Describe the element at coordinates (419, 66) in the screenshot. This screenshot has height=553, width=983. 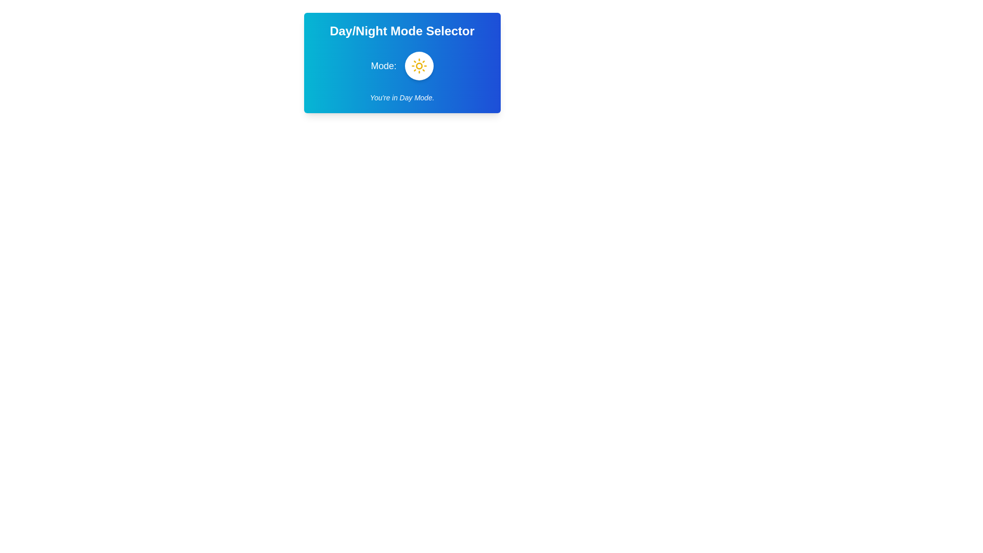
I see `the Day/Night mode toggle button to observe its hover effects` at that location.